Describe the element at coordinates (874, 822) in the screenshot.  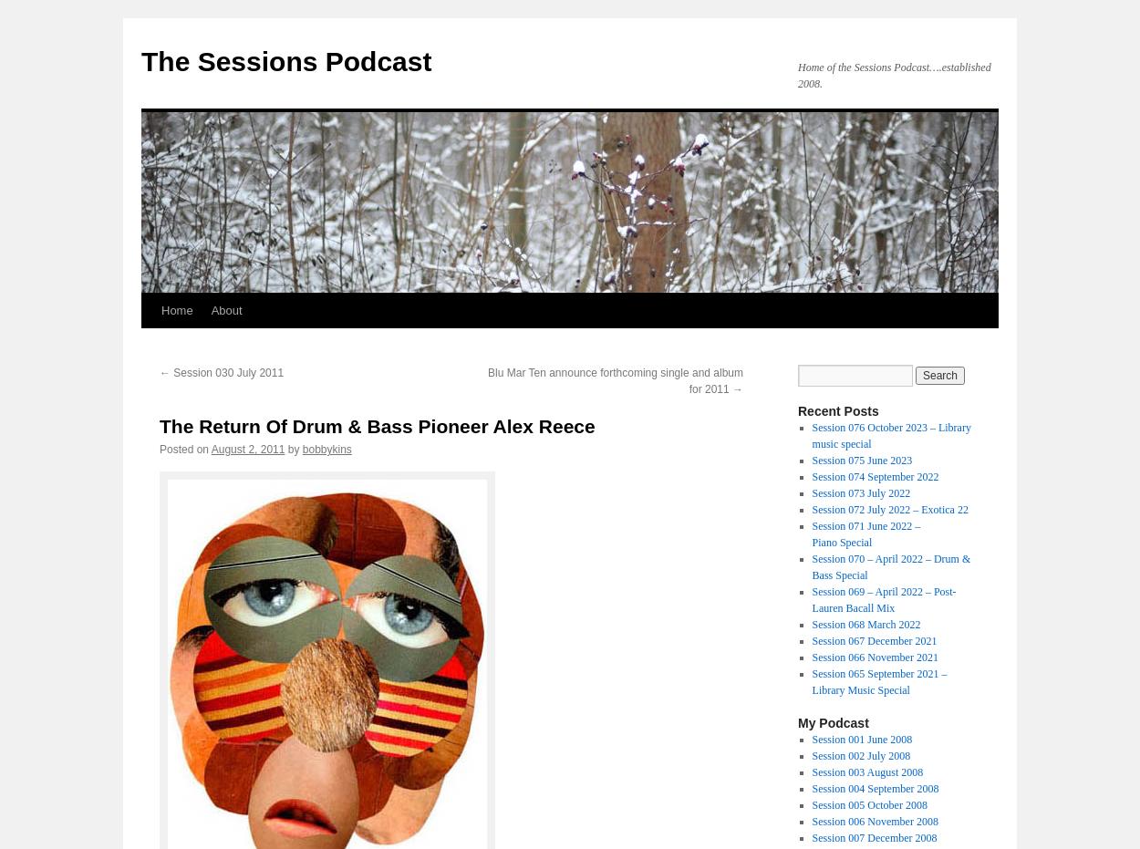
I see `'Session 006 November 2008'` at that location.